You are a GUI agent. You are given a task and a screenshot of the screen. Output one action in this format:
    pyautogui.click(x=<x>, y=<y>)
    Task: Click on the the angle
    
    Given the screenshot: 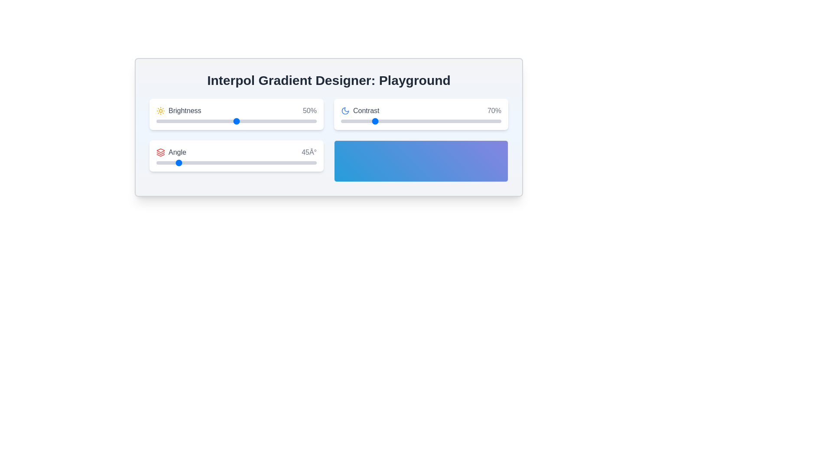 What is the action you would take?
    pyautogui.click(x=188, y=162)
    